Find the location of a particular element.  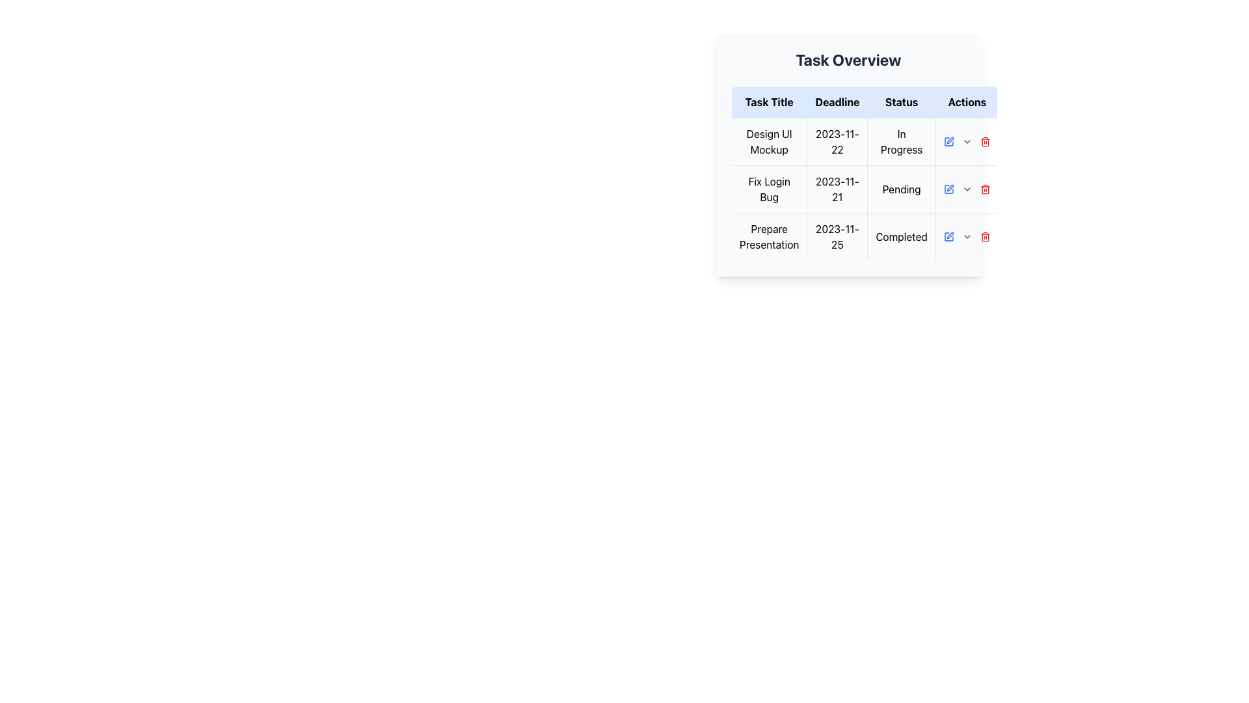

the Table Cell that indicates the completion status of the task 'Prepare Presentation' located in the 'Status' column of the table is located at coordinates (901, 236).